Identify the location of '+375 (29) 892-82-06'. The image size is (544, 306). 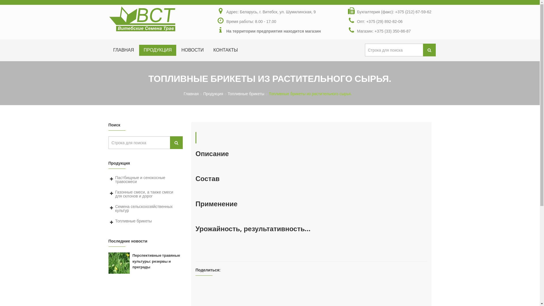
(384, 21).